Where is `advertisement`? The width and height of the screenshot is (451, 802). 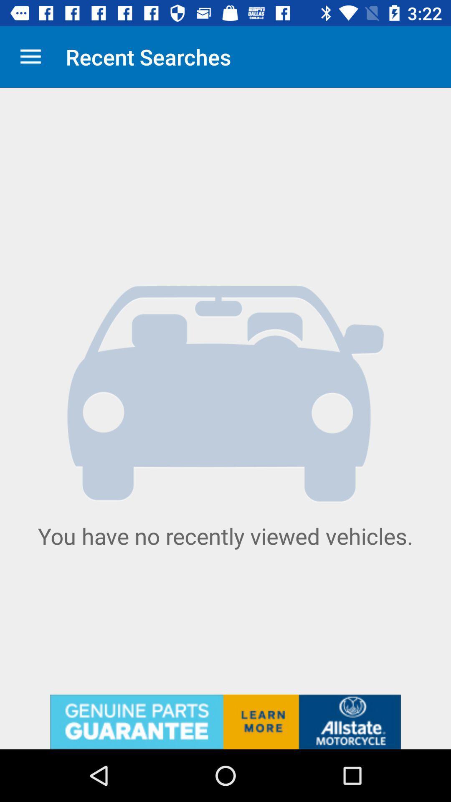
advertisement is located at coordinates (225, 721).